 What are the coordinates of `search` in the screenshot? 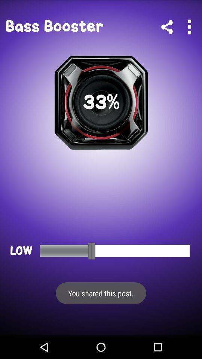 It's located at (189, 27).